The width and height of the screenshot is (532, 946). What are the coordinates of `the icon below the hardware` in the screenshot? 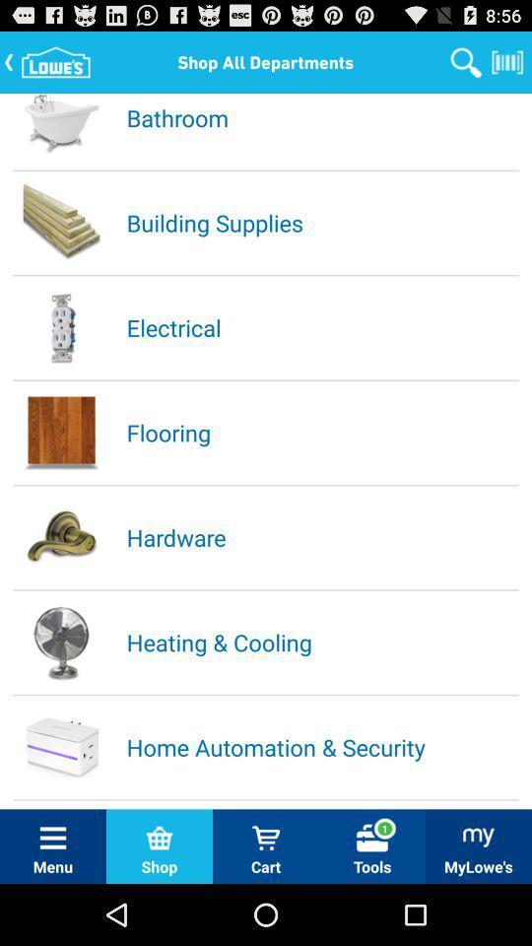 It's located at (321, 641).